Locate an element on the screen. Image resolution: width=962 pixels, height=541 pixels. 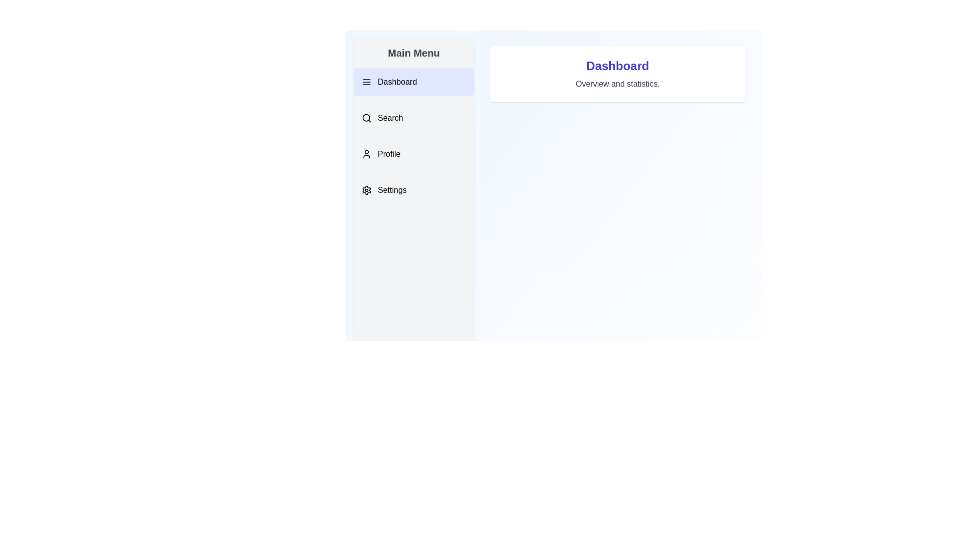
the menu item Dashboard to highlight it is located at coordinates (413, 82).